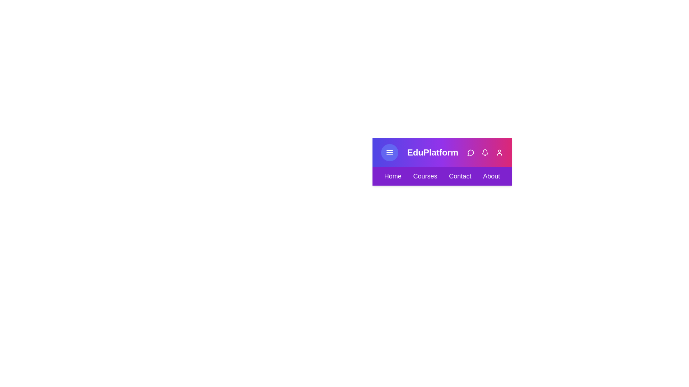  I want to click on the notification icon in the action bar, so click(485, 152).